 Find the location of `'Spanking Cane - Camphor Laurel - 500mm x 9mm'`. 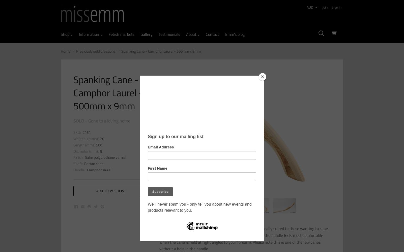

'Spanking Cane - Camphor Laurel - 500mm x 9mm' is located at coordinates (161, 51).